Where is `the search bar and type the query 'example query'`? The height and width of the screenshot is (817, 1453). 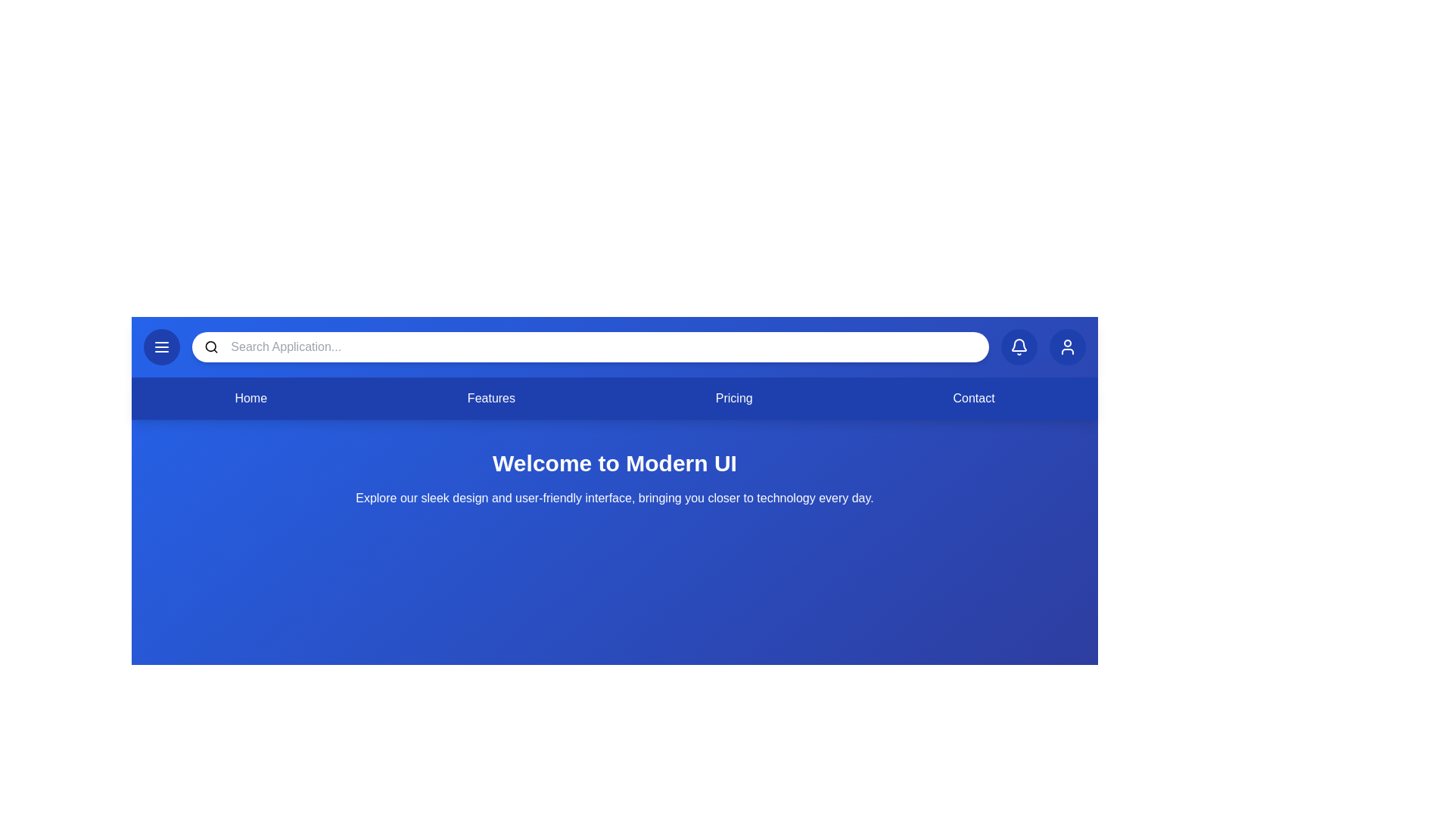 the search bar and type the query 'example query' is located at coordinates (602, 347).